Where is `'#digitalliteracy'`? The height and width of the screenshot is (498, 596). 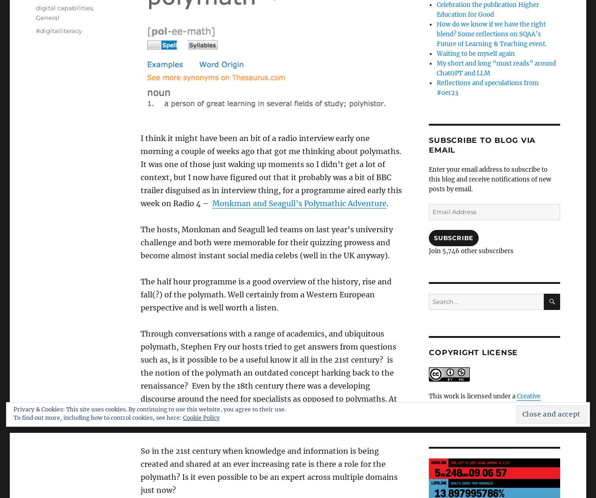
'#digitalliteracy' is located at coordinates (58, 29).